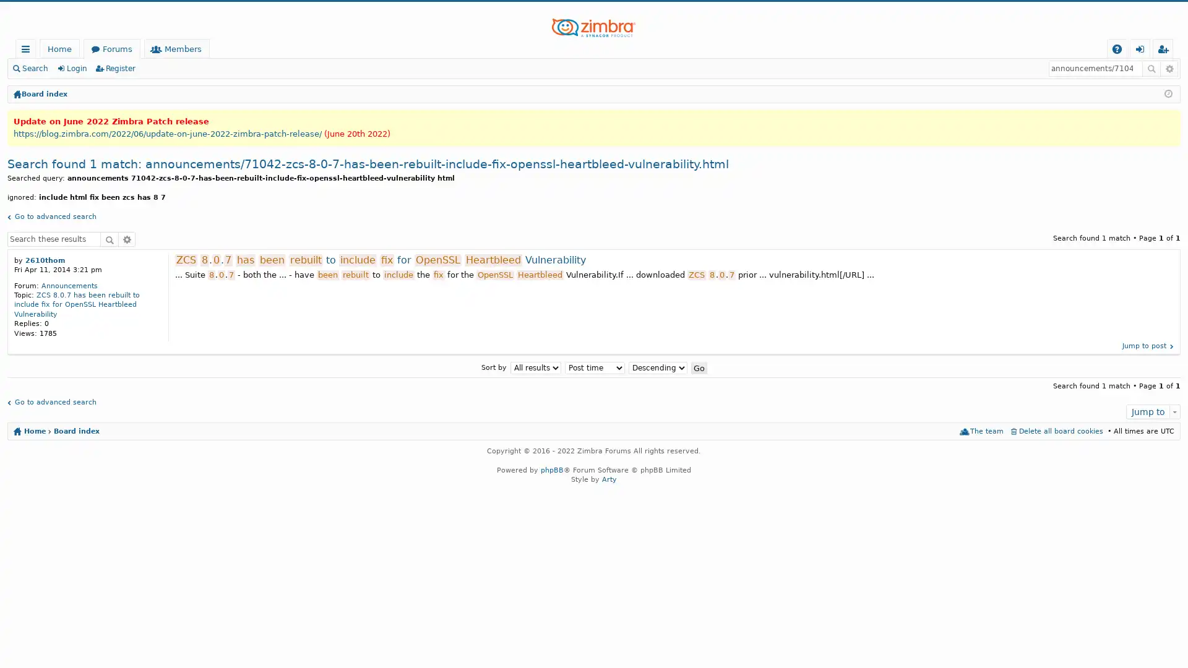 The height and width of the screenshot is (668, 1188). Describe the element at coordinates (110, 238) in the screenshot. I see `Search` at that location.